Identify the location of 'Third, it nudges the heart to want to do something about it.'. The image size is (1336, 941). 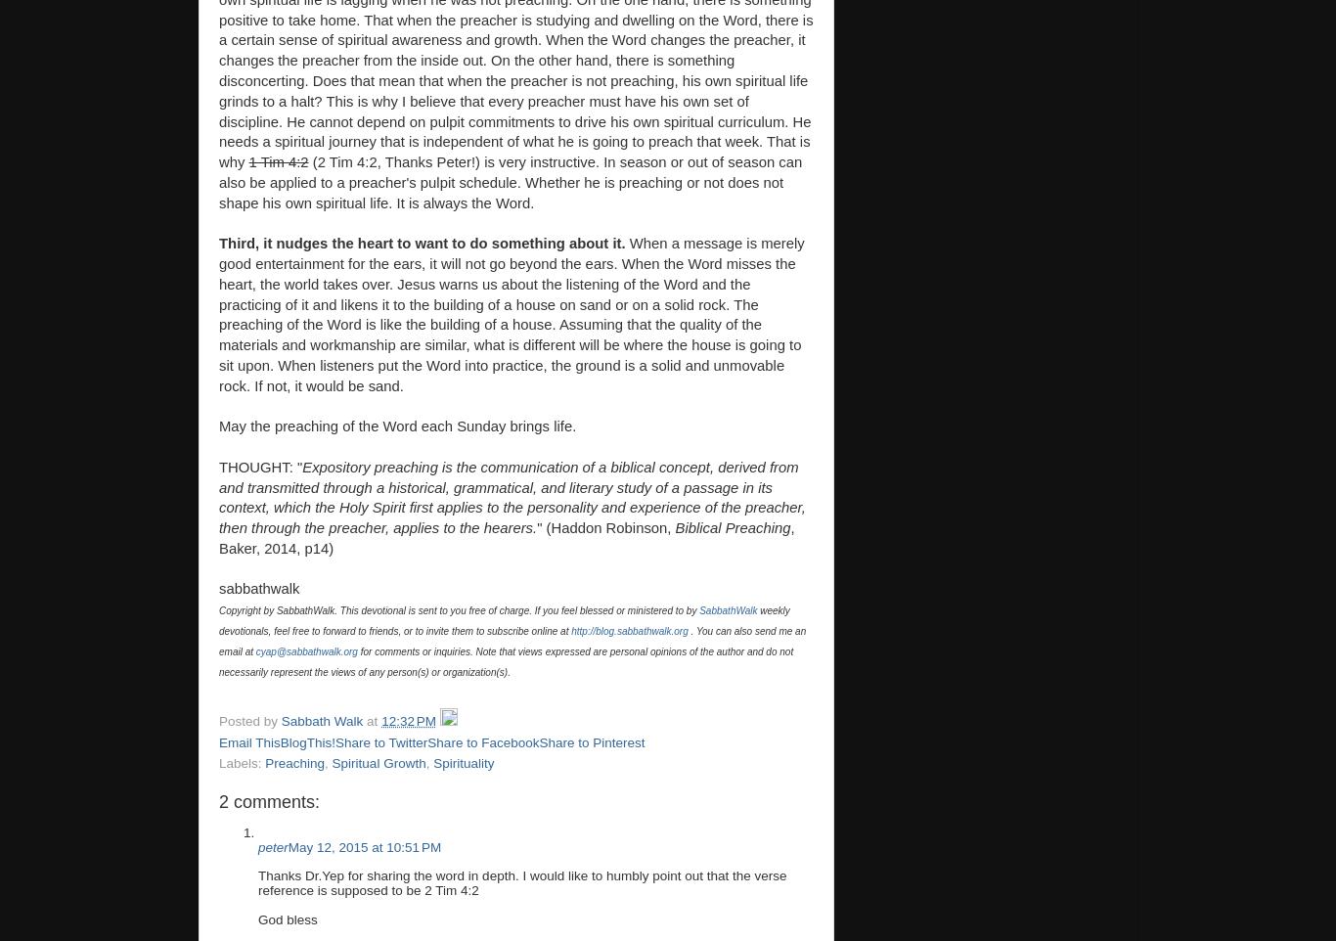
(423, 243).